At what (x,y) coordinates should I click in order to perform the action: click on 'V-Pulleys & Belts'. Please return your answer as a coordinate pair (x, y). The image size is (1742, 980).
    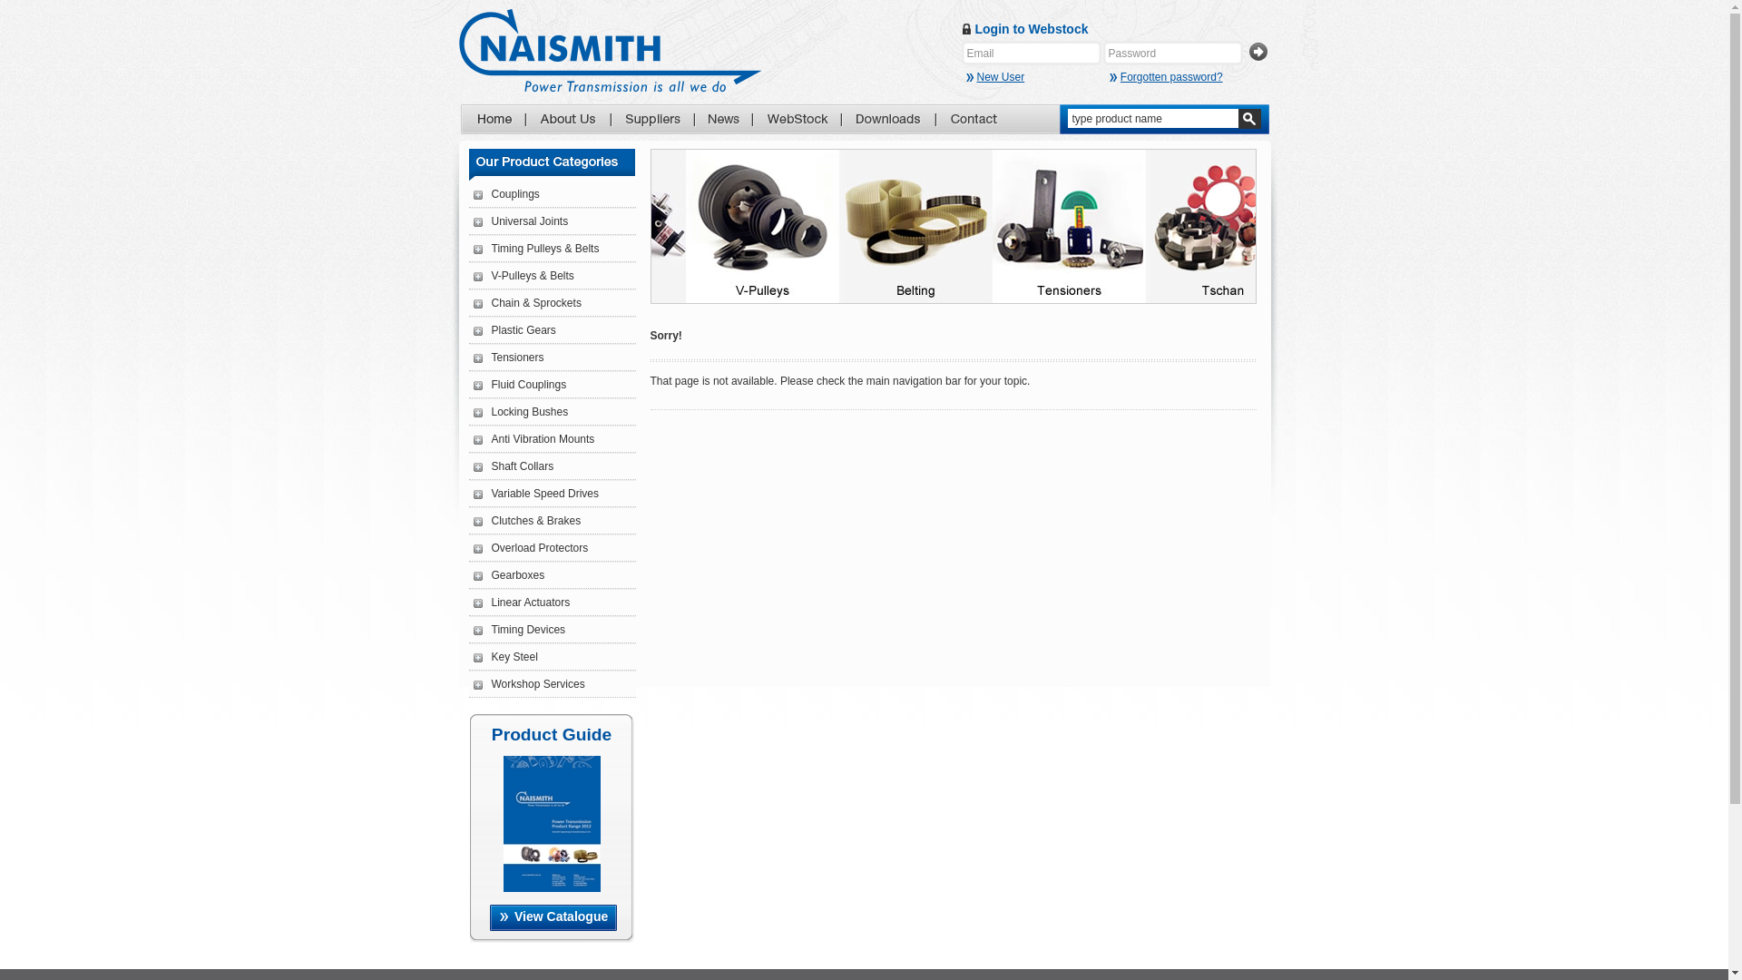
    Looking at the image, I should click on (523, 276).